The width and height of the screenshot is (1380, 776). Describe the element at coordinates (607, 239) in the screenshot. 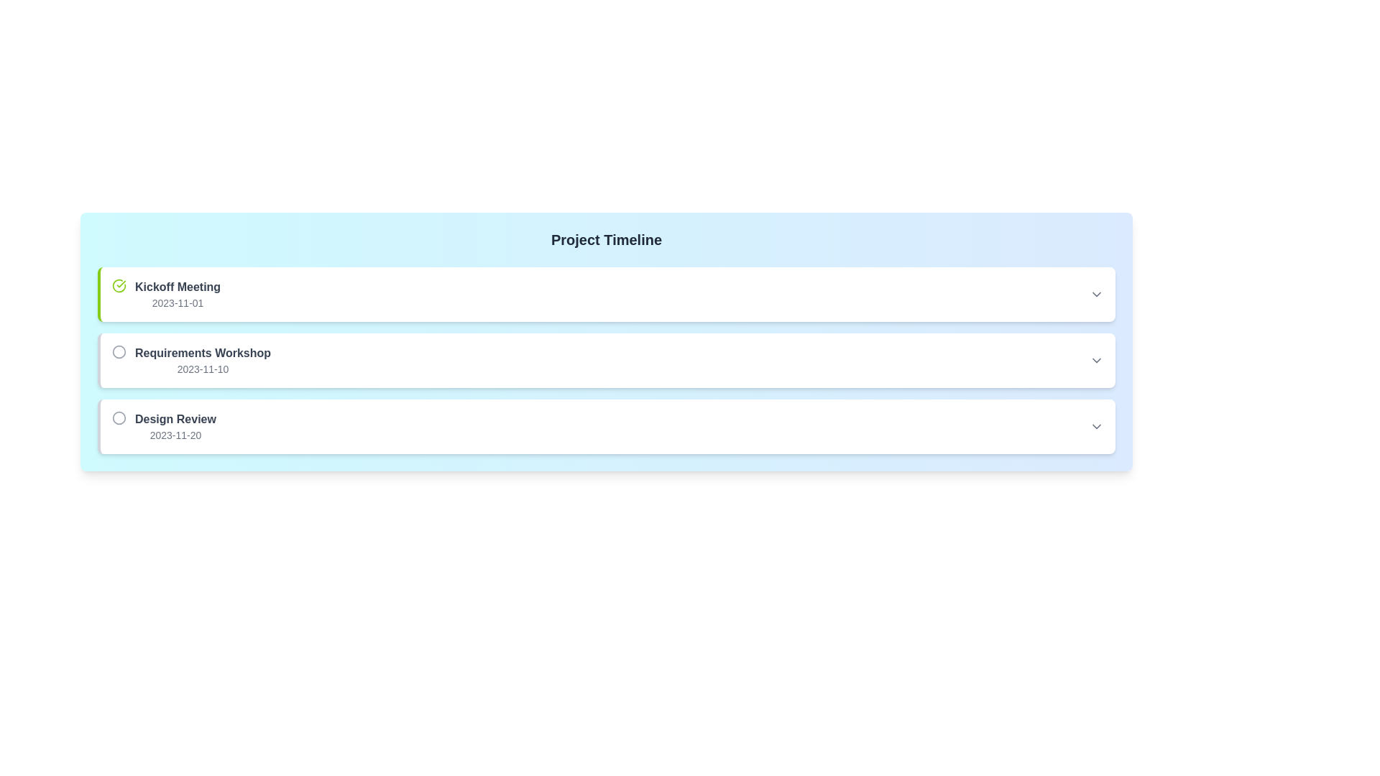

I see `the 'Project Timeline' text header` at that location.